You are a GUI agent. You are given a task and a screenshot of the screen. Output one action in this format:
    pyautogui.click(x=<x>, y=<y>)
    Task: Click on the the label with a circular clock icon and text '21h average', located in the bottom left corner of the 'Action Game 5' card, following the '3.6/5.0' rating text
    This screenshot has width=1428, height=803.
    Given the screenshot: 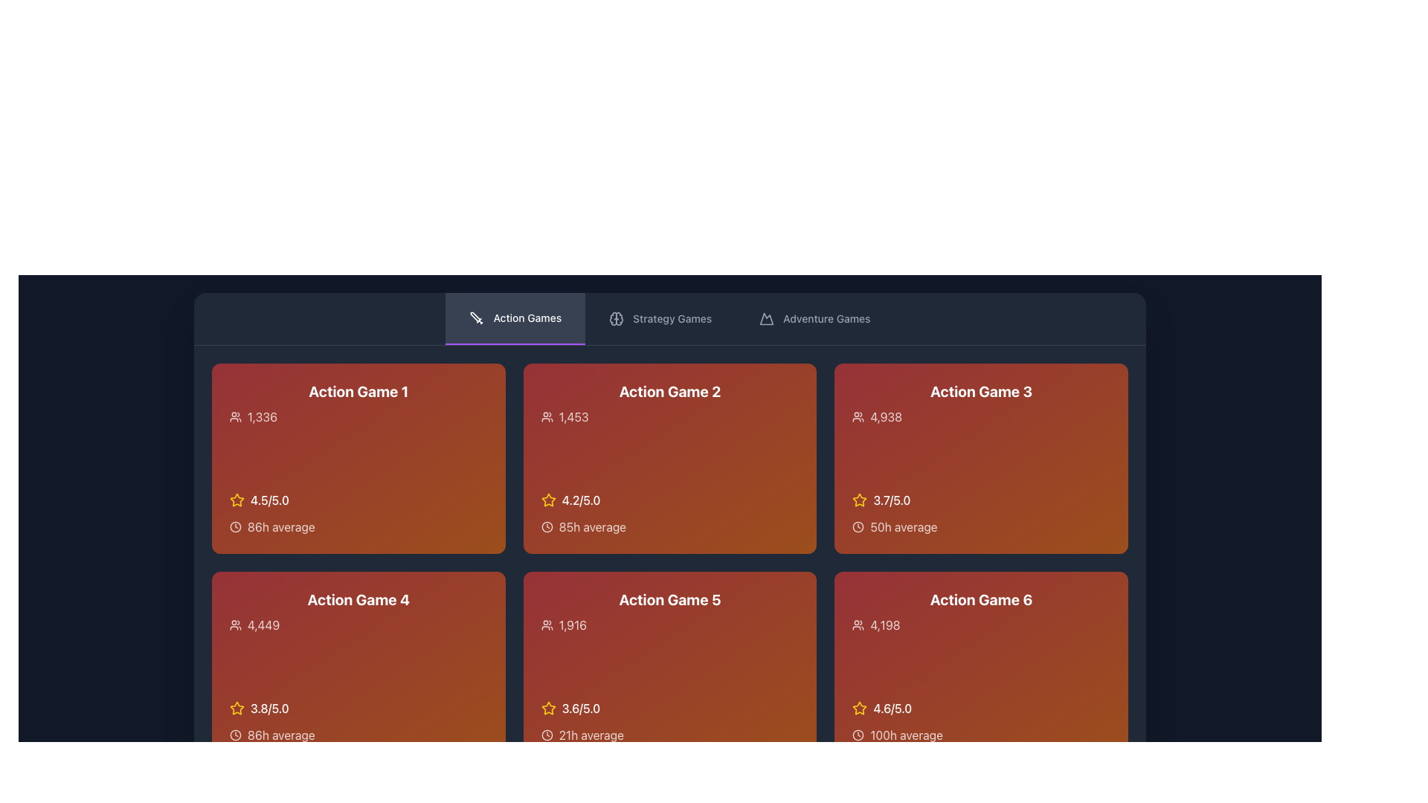 What is the action you would take?
    pyautogui.click(x=669, y=734)
    